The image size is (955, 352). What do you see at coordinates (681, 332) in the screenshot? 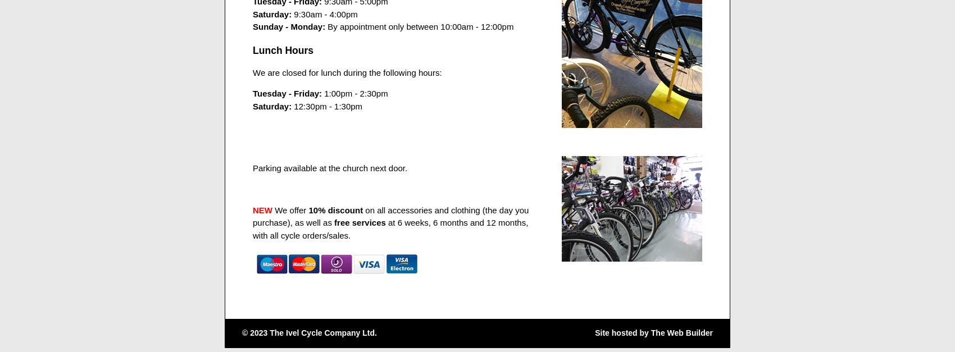
I see `'The Web Builder'` at bounding box center [681, 332].